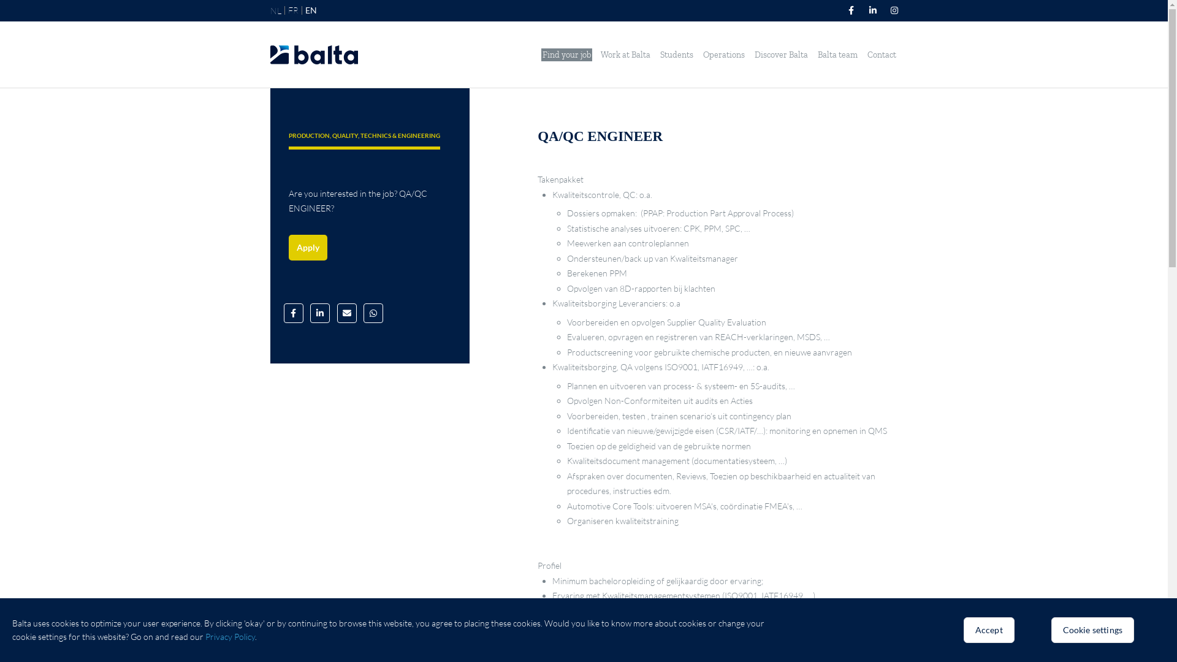 The width and height of the screenshot is (1177, 662). Describe the element at coordinates (275, 10) in the screenshot. I see `'NL'` at that location.